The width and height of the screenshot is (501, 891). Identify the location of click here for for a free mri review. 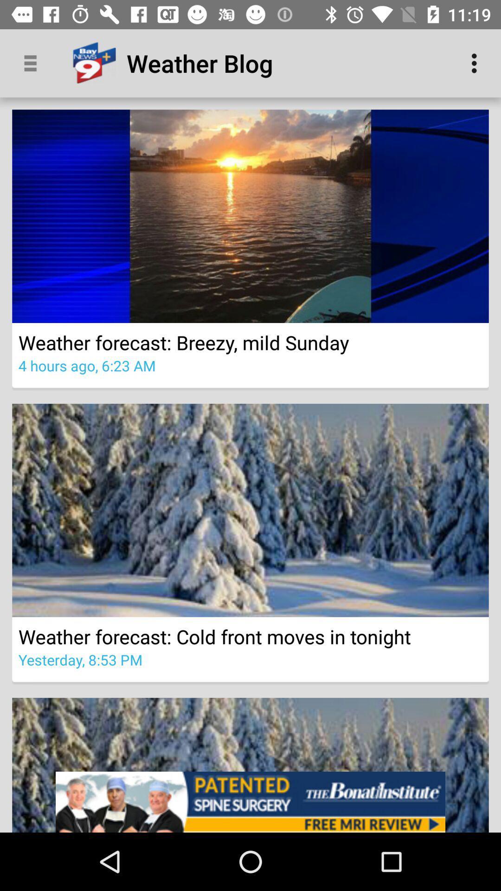
(250, 801).